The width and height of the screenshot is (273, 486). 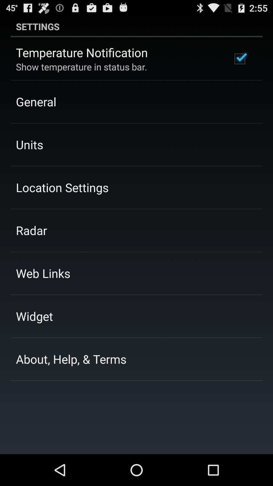 What do you see at coordinates (239, 59) in the screenshot?
I see `the app next to the temperature notification` at bounding box center [239, 59].